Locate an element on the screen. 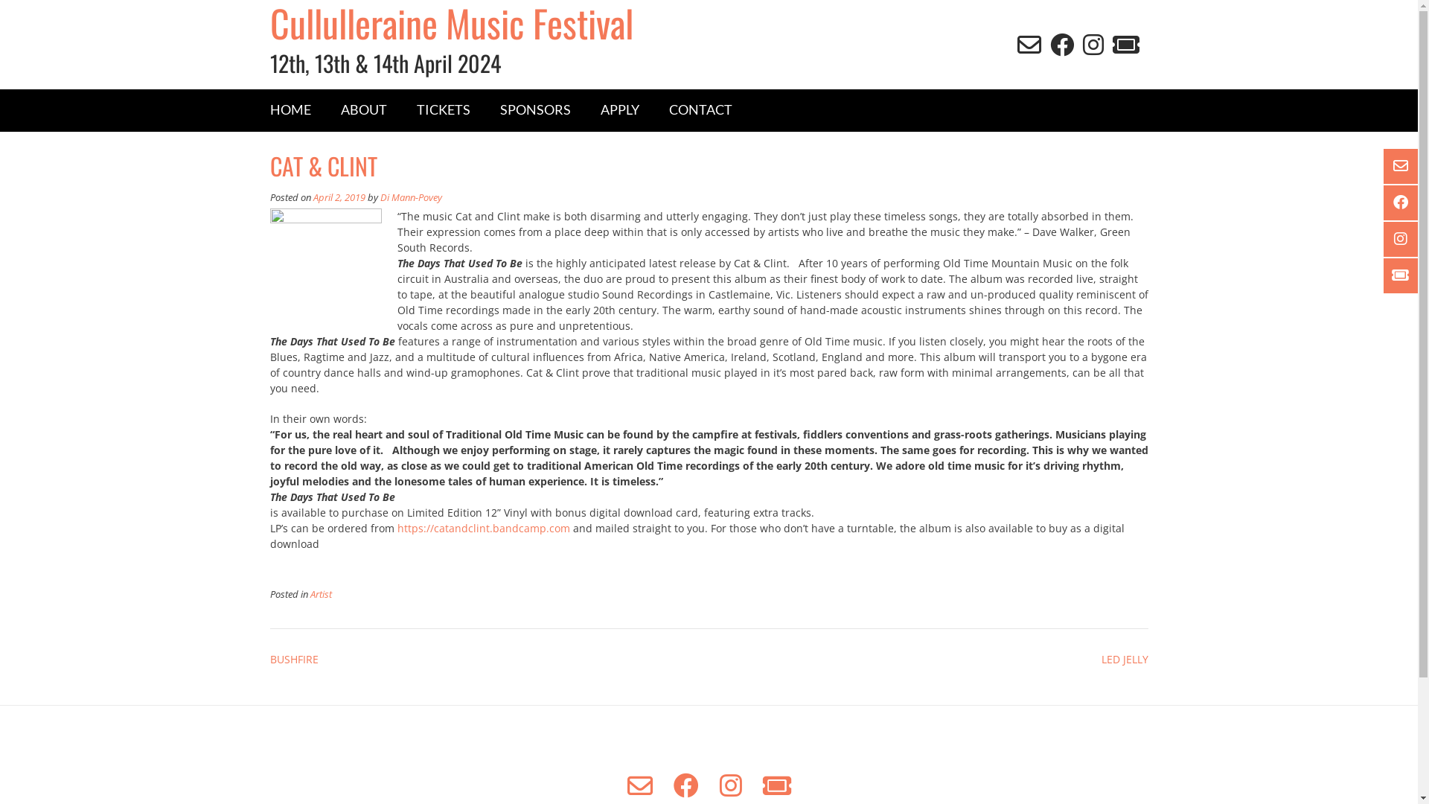 Image resolution: width=1429 pixels, height=804 pixels. 'April 2, 2019' is located at coordinates (338, 197).